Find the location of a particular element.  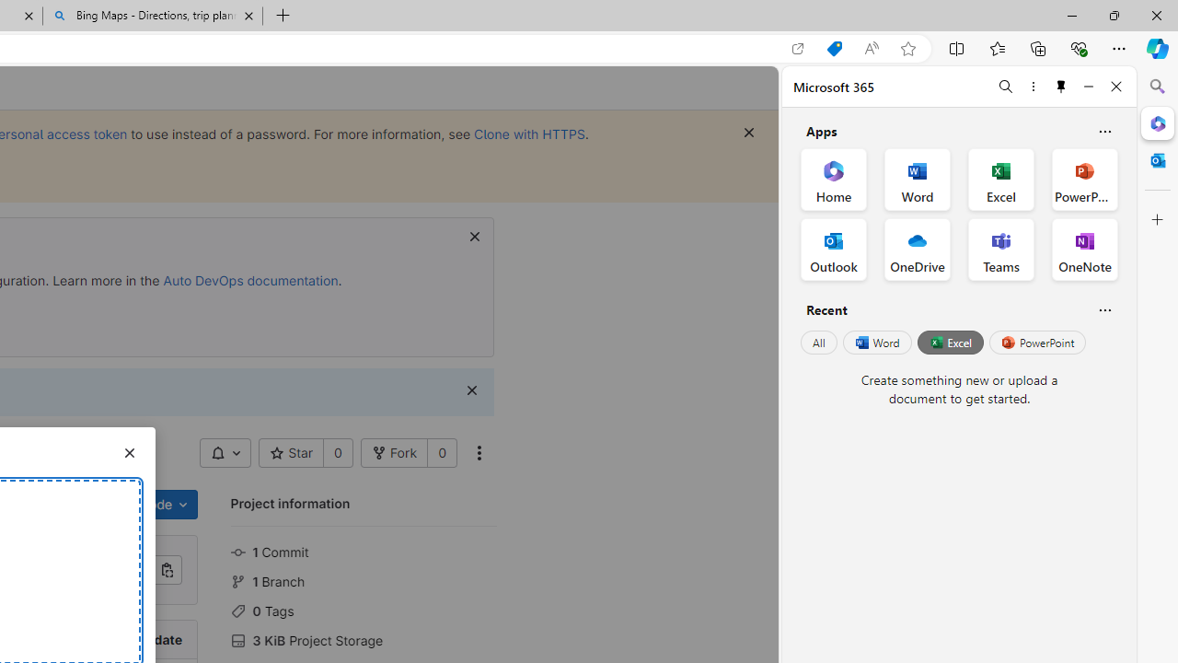

'Outlook Office App' is located at coordinates (833, 250).